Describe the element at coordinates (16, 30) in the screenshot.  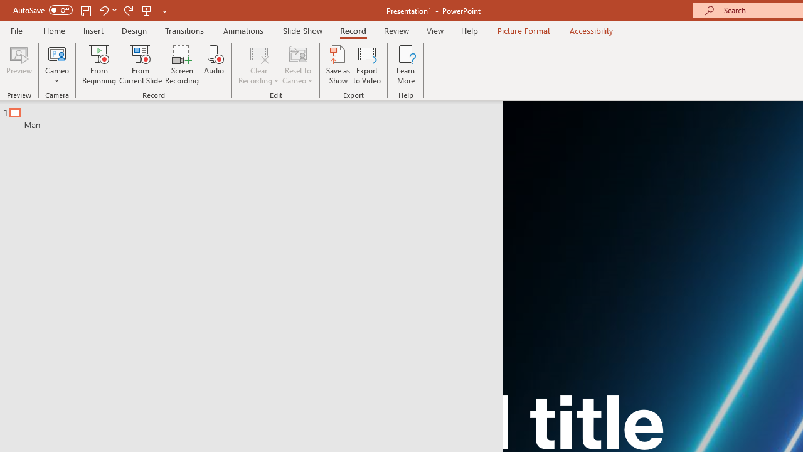
I see `'File Tab'` at that location.